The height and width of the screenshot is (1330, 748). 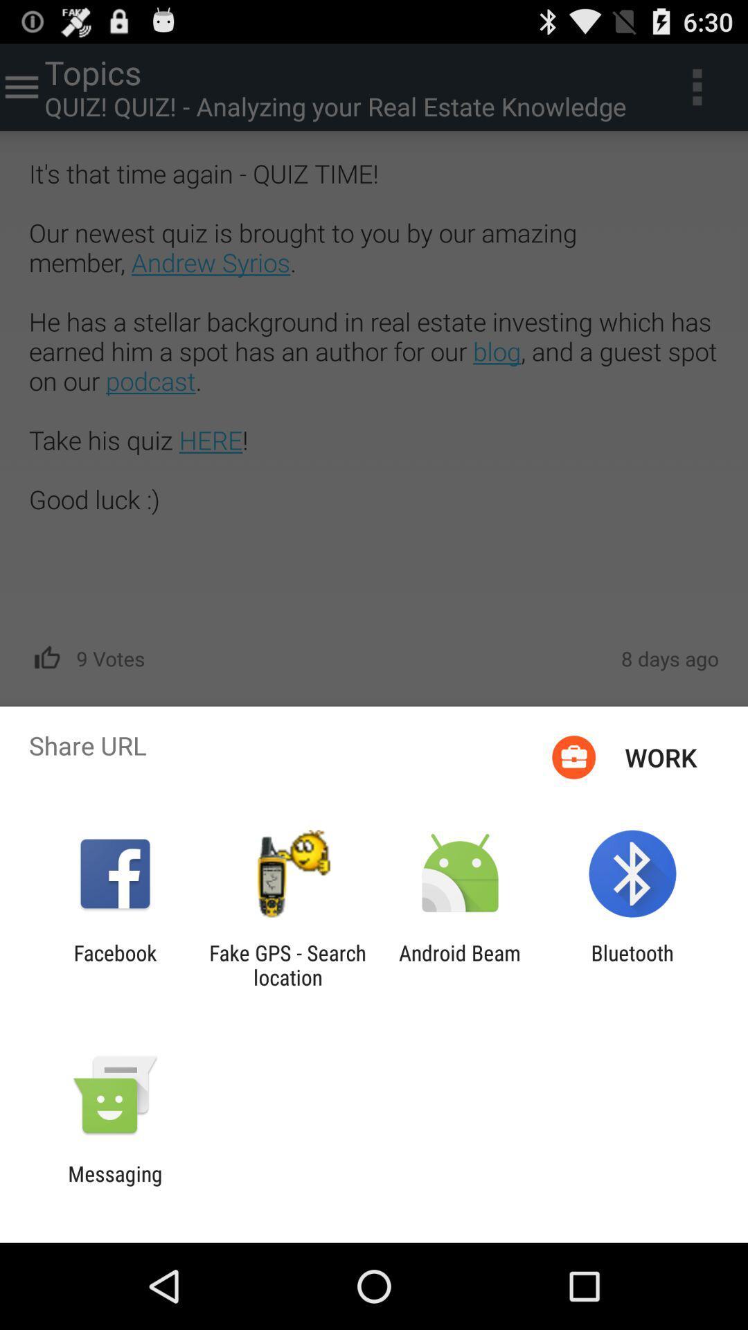 What do you see at coordinates (287, 964) in the screenshot?
I see `icon to the right of the facebook` at bounding box center [287, 964].